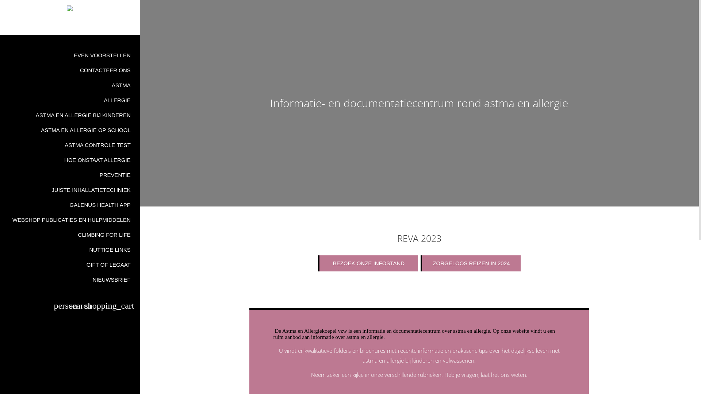 Image resolution: width=701 pixels, height=394 pixels. I want to click on 'ASTMA EN ALLERGIE OP SCHOOL', so click(70, 130).